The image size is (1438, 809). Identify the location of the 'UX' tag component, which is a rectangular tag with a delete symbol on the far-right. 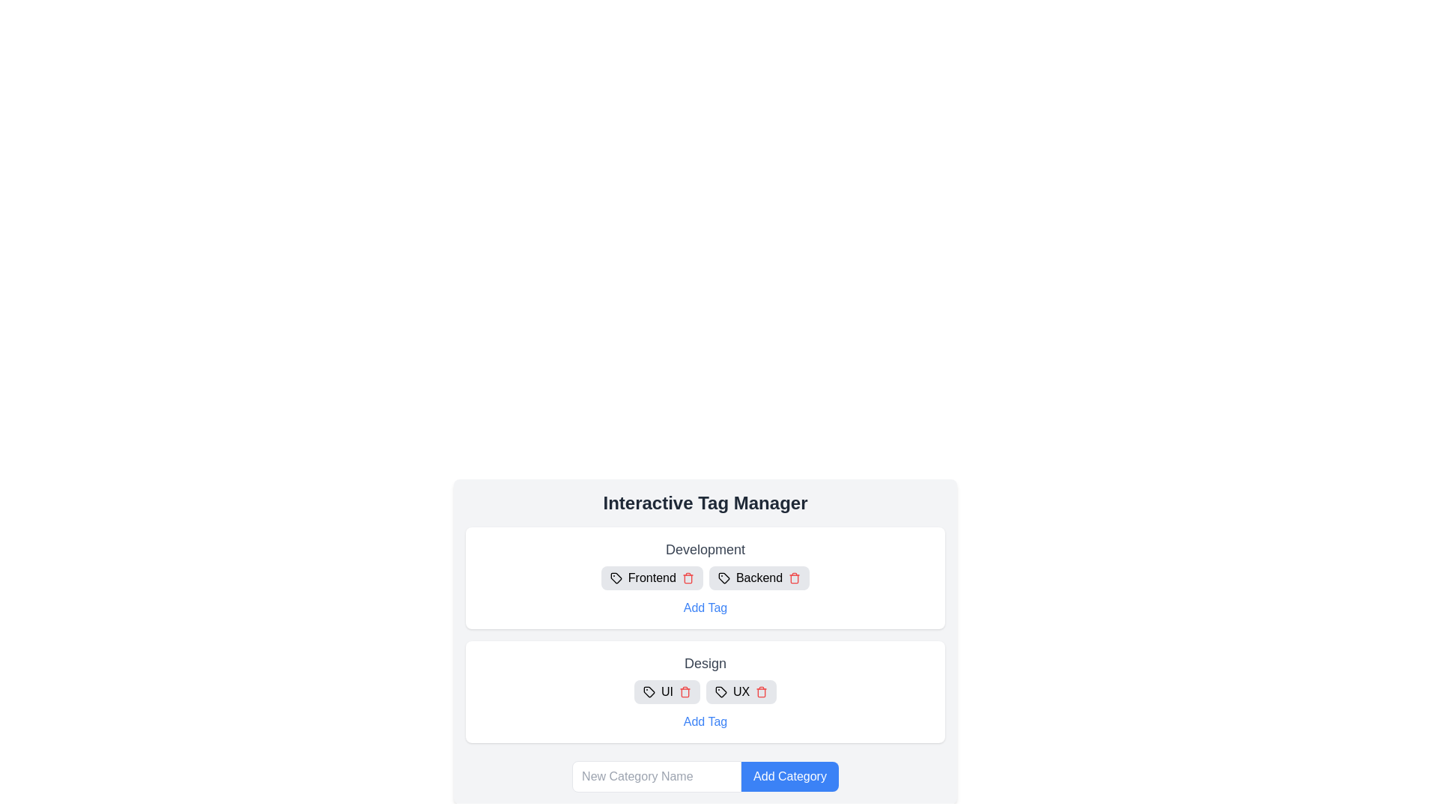
(741, 692).